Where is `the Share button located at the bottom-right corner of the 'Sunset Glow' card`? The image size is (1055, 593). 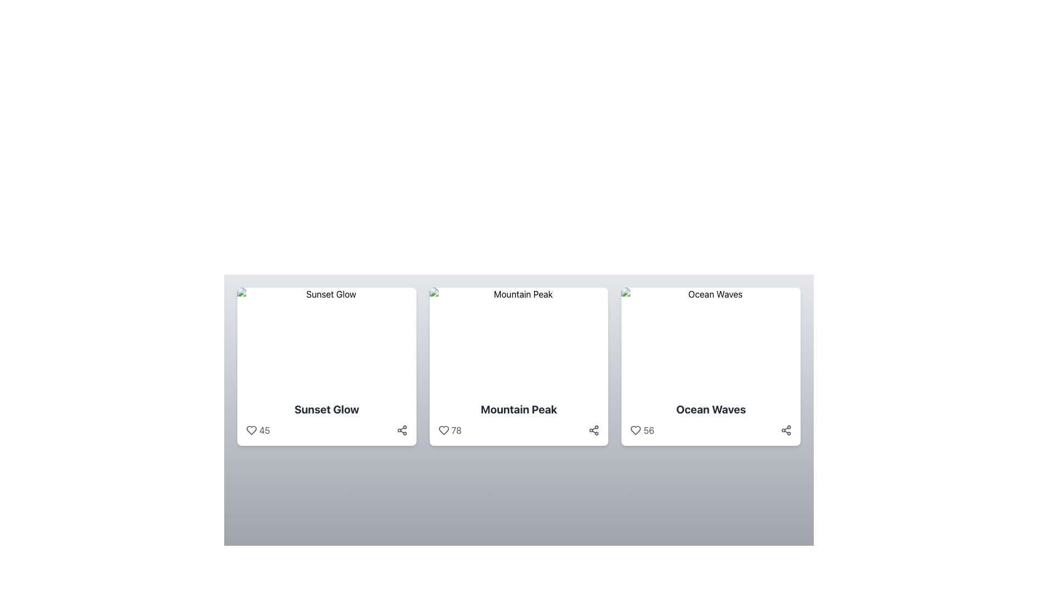
the Share button located at the bottom-right corner of the 'Sunset Glow' card is located at coordinates (401, 429).